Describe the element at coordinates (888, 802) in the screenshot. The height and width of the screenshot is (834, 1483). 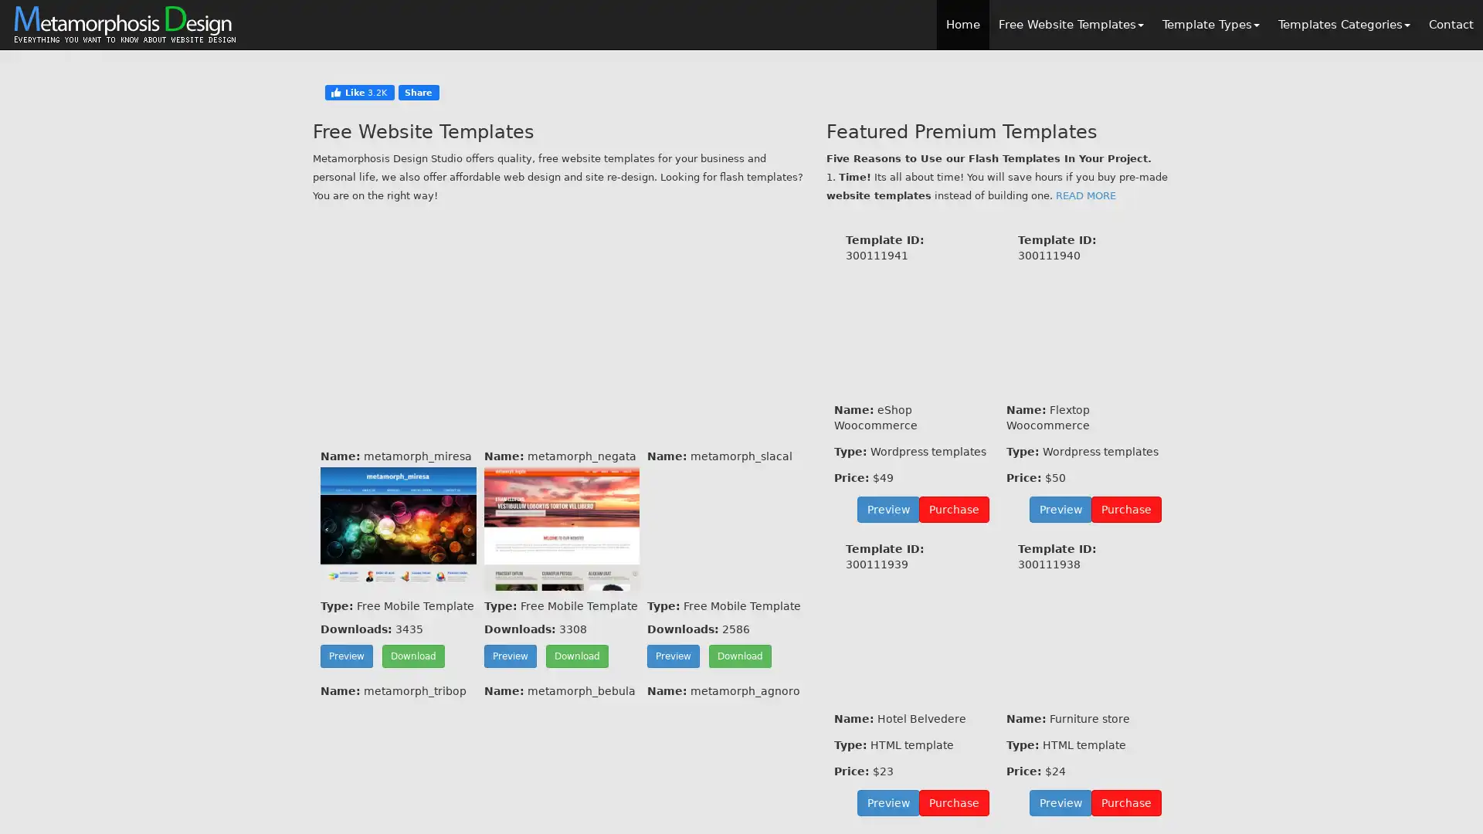
I see `Preview` at that location.